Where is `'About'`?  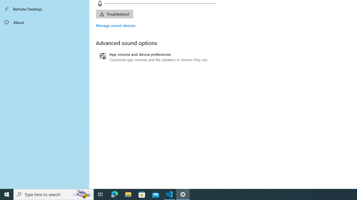 'About' is located at coordinates (45, 22).